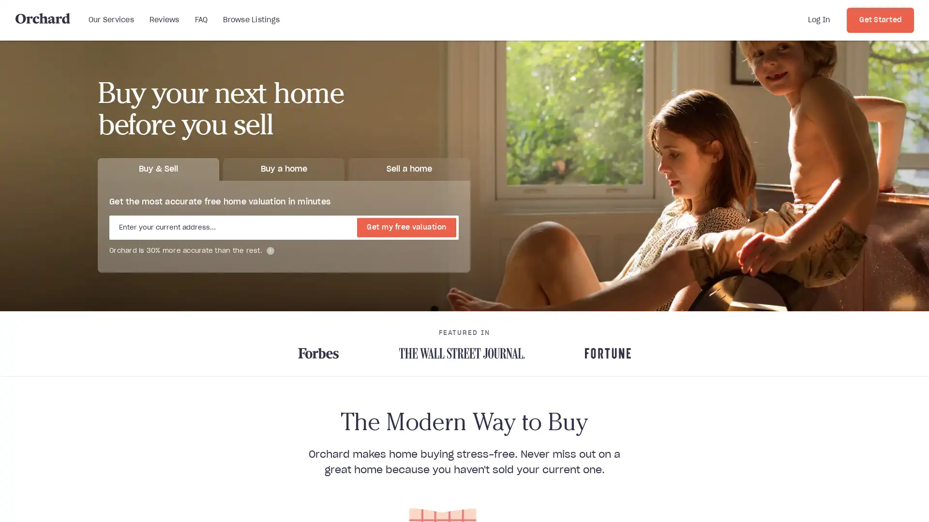  Describe the element at coordinates (907, 464) in the screenshot. I see `Send message` at that location.